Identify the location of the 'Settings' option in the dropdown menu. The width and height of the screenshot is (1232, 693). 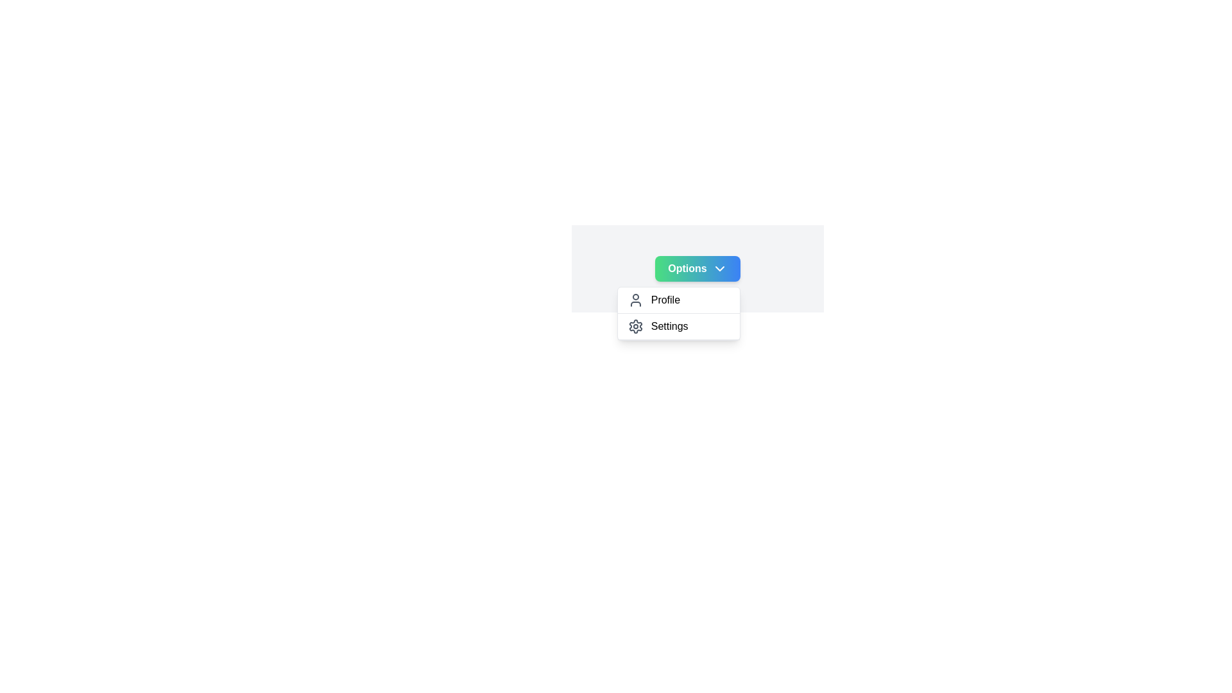
(677, 326).